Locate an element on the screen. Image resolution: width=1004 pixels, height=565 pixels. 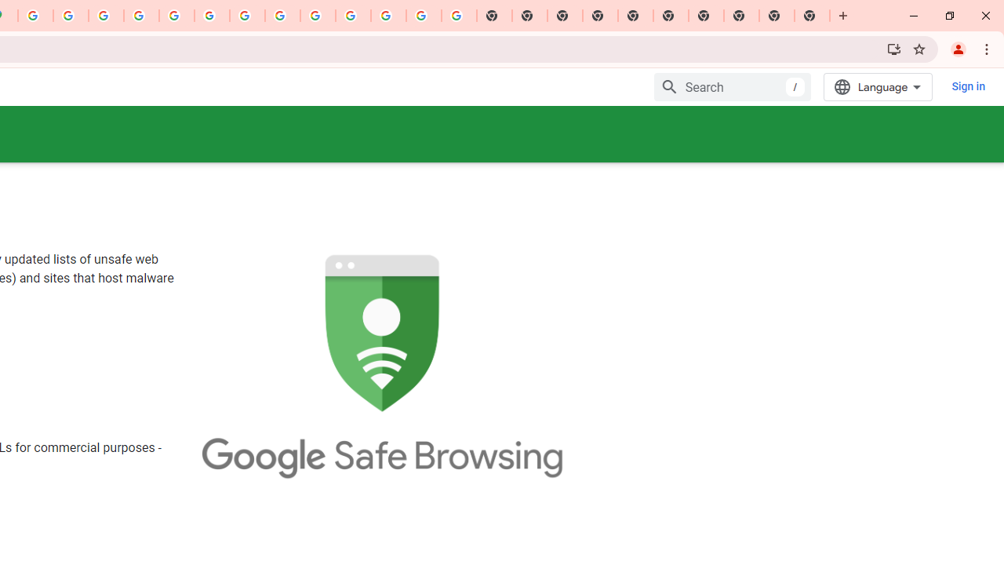
'Privacy Help Center - Policies Help' is located at coordinates (105, 16).